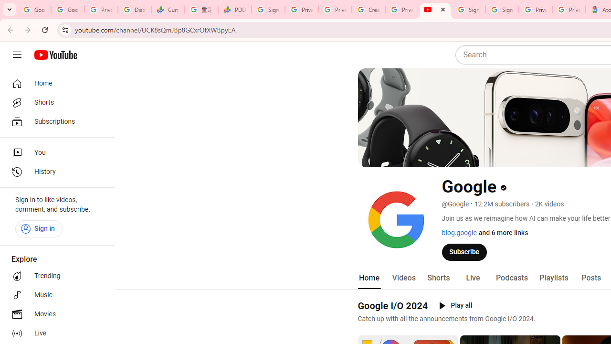  I want to click on 'Music', so click(53, 295).